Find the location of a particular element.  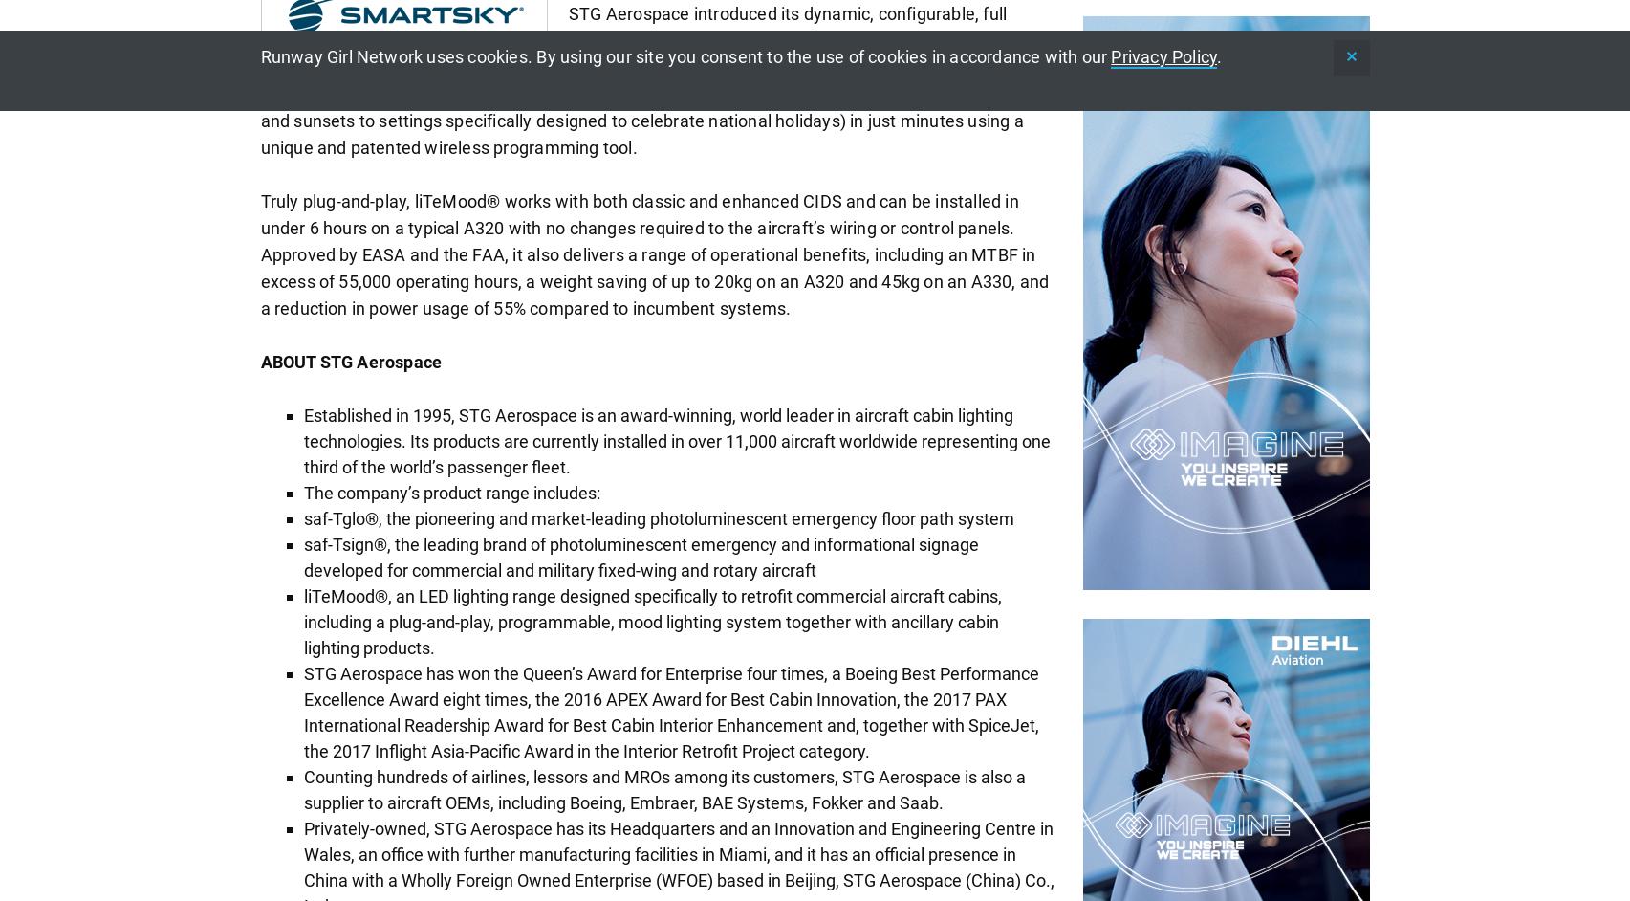

'saf-Tsign' is located at coordinates (337, 544).